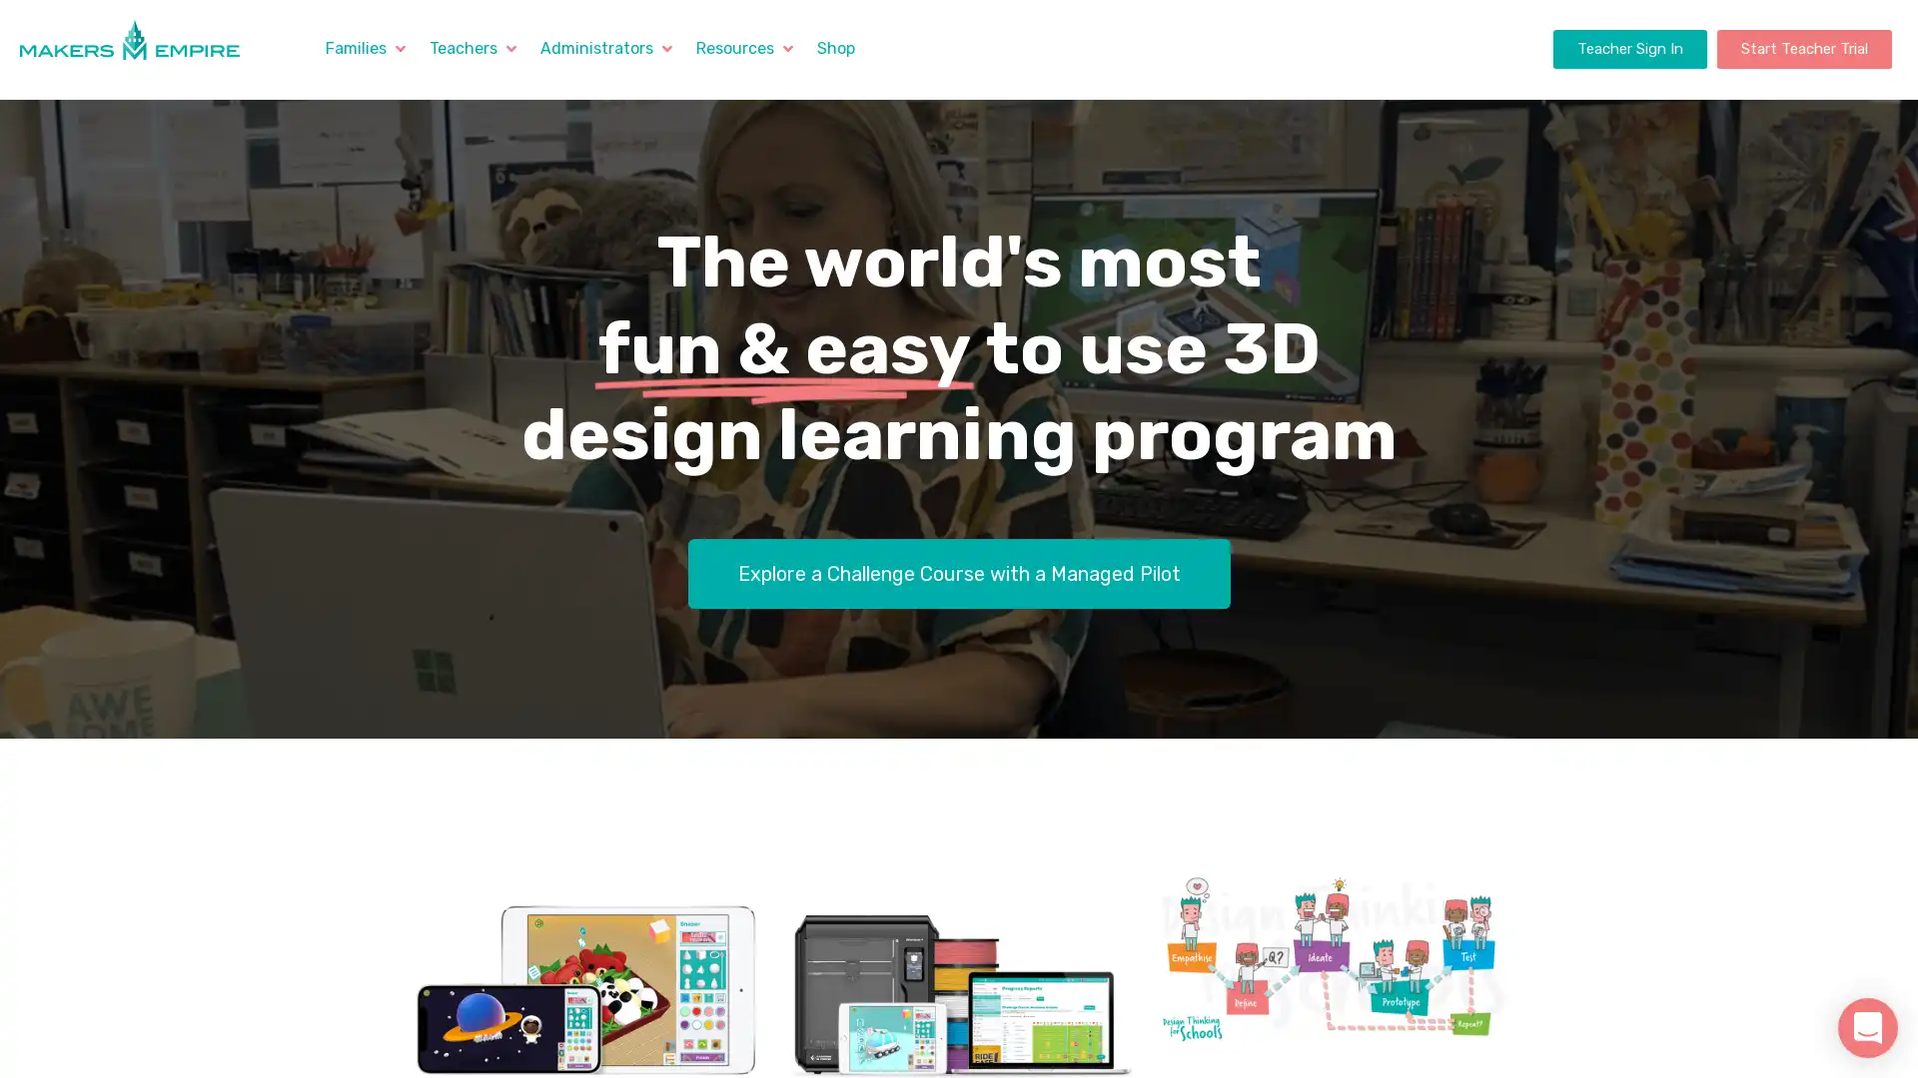 The width and height of the screenshot is (1918, 1078). I want to click on Teacher Sign In, so click(1629, 48).